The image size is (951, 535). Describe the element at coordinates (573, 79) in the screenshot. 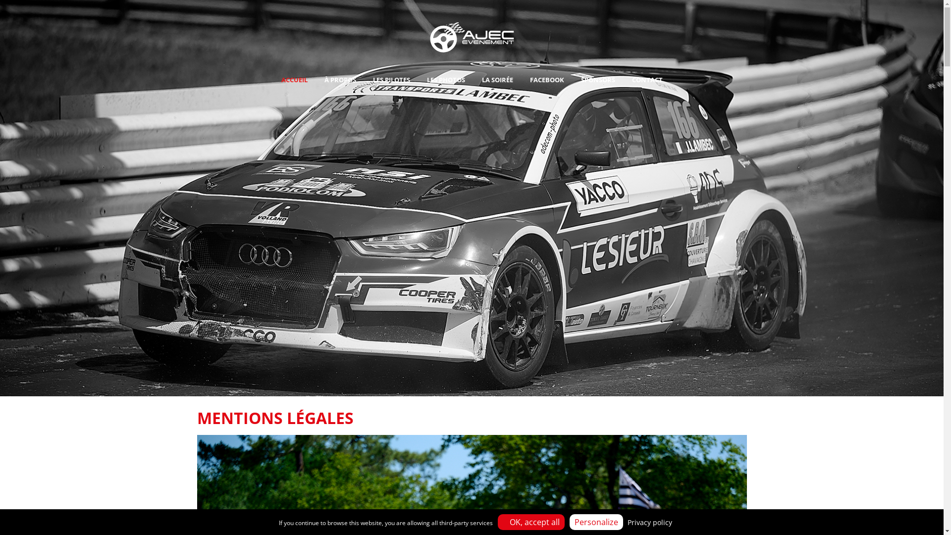

I see `'SPONSORS'` at that location.